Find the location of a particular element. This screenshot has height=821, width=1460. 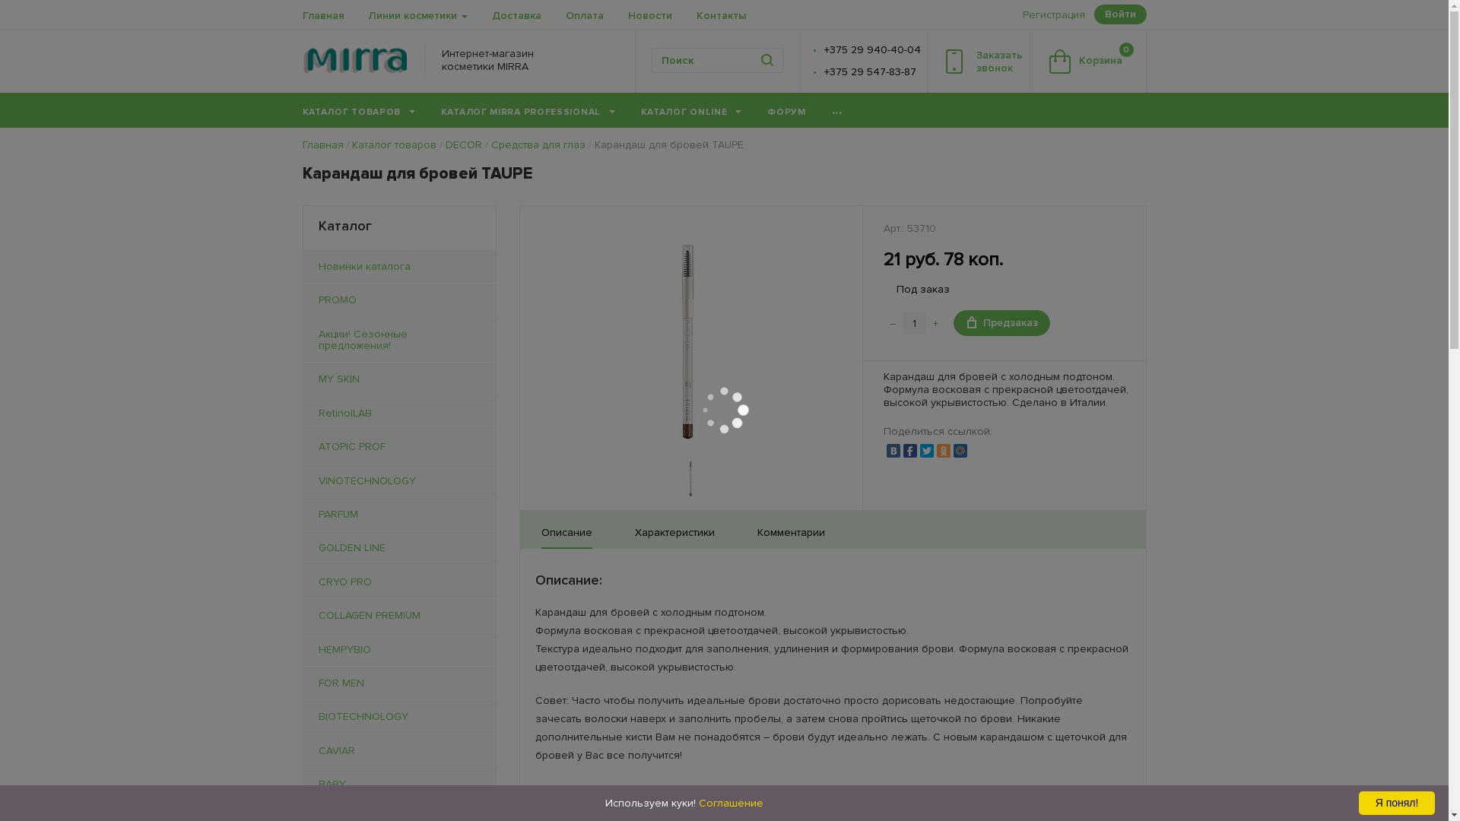

'RetinolLAB' is located at coordinates (303, 413).